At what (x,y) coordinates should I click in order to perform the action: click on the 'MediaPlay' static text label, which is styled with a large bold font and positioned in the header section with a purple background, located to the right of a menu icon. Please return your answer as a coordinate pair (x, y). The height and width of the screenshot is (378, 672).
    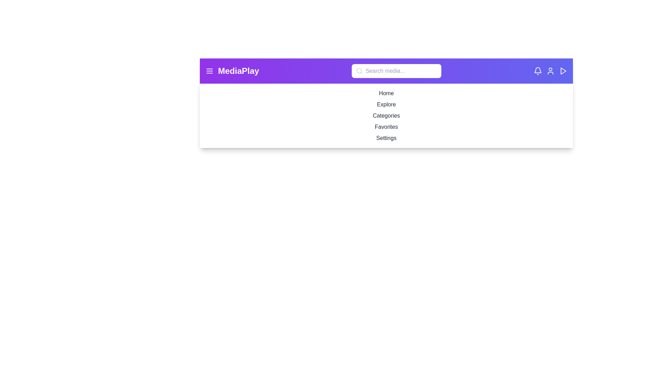
    Looking at the image, I should click on (238, 71).